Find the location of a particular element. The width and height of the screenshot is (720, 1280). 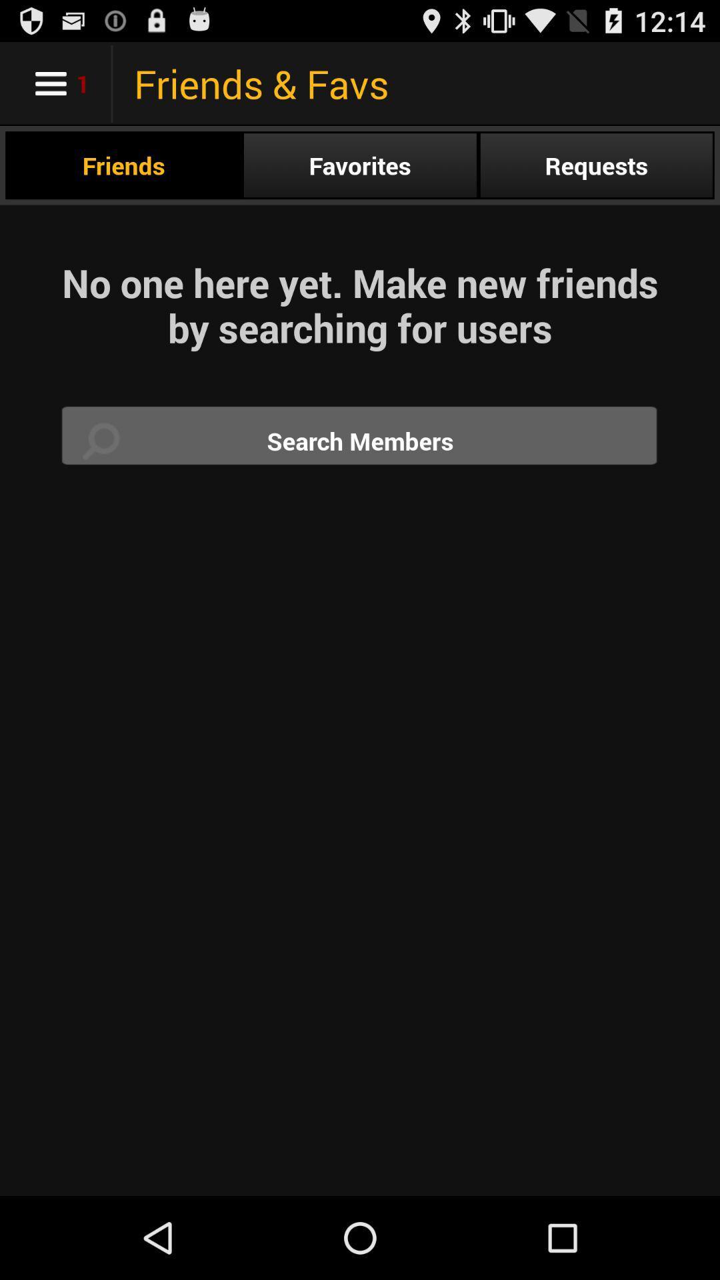

use keyword to search members is located at coordinates (360, 441).